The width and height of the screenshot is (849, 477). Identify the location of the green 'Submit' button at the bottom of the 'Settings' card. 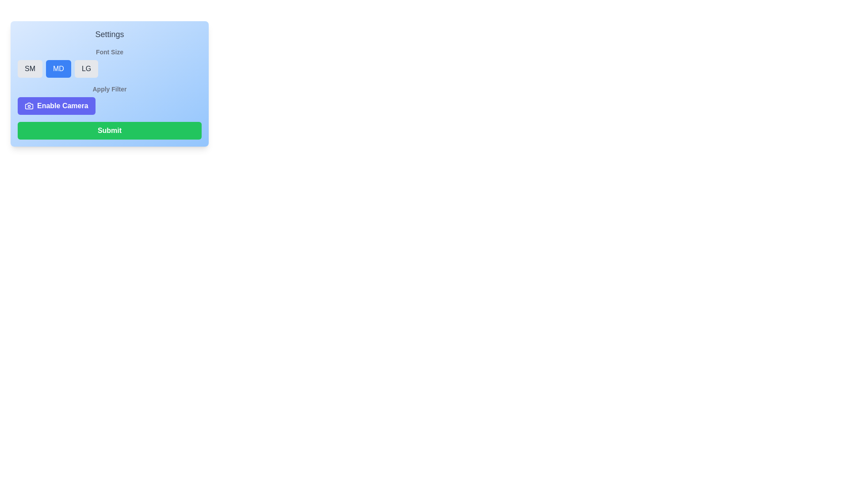
(109, 131).